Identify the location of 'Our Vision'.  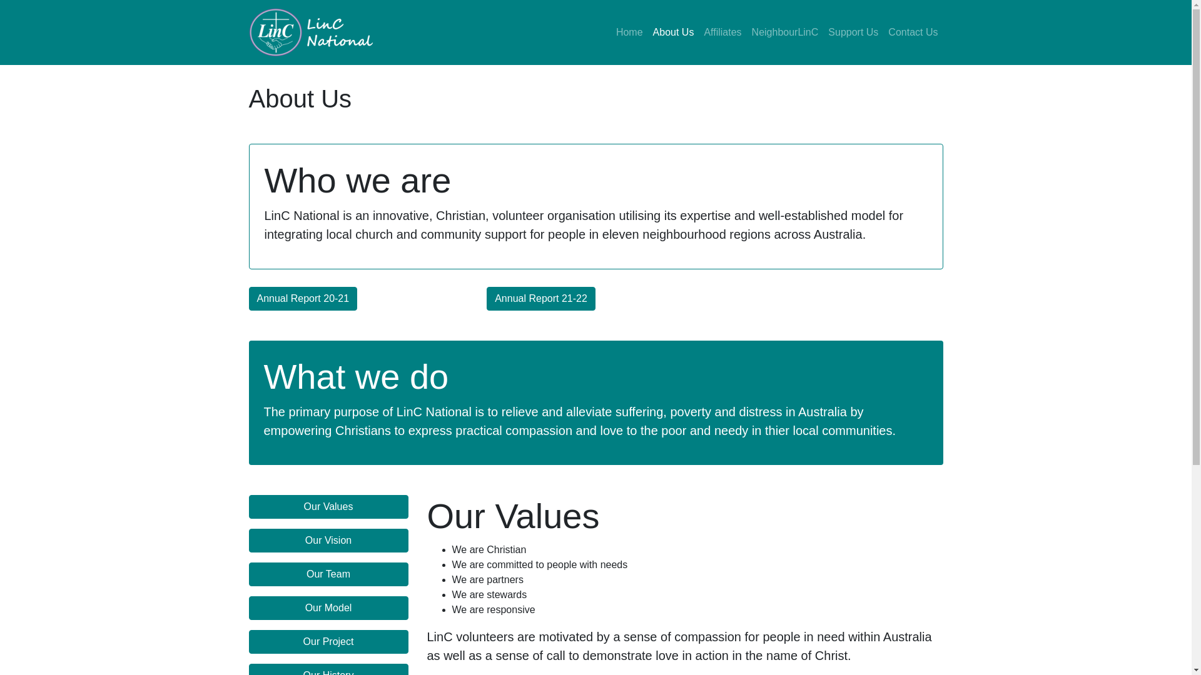
(328, 539).